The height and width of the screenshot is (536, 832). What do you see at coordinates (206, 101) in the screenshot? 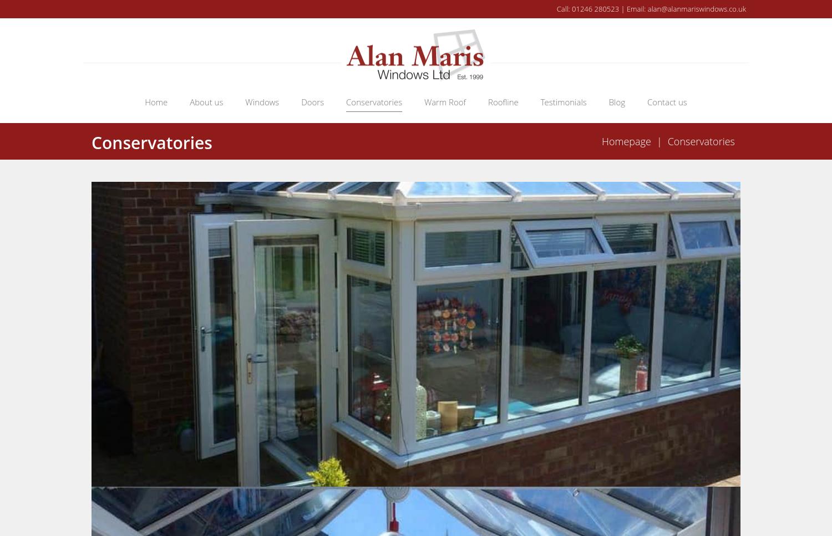
I see `'About us'` at bounding box center [206, 101].